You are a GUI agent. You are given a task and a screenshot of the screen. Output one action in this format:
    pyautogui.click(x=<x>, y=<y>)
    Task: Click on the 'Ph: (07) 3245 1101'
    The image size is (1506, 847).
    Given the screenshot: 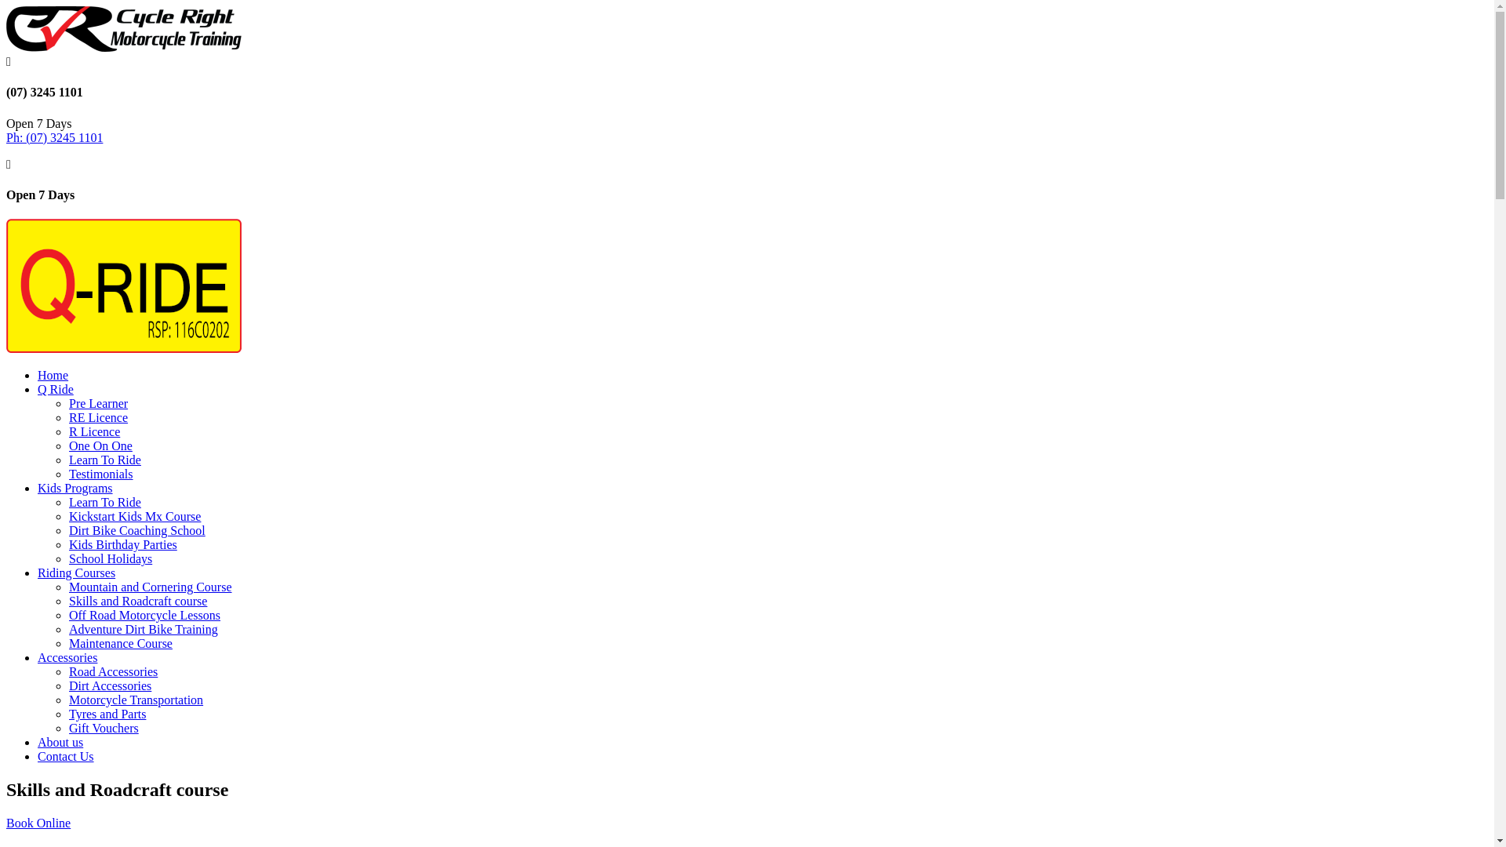 What is the action you would take?
    pyautogui.click(x=6, y=136)
    